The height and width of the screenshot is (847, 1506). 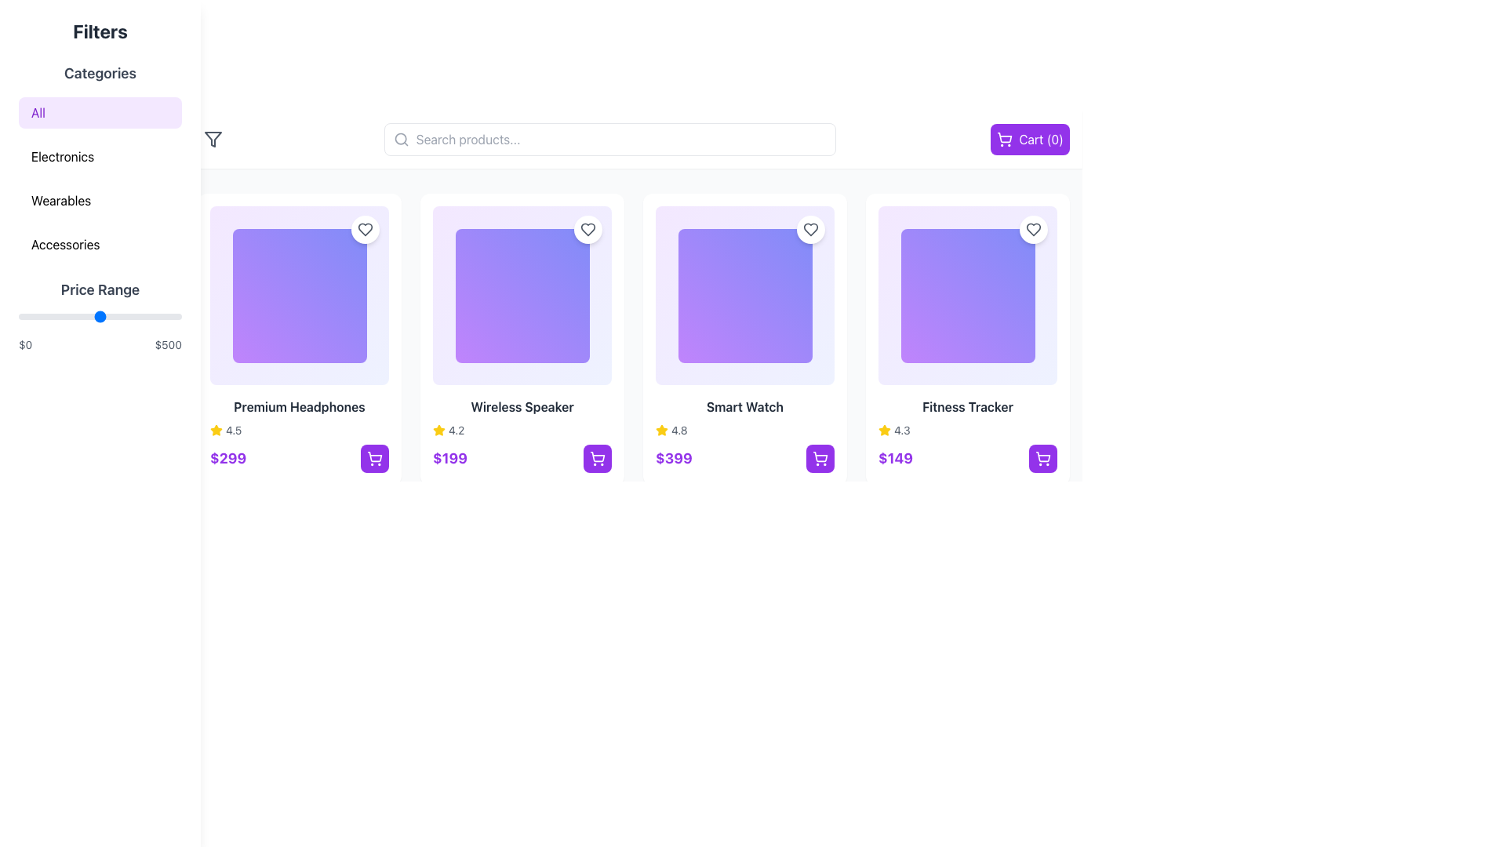 I want to click on the significance of the Rating Icon located in the bottom left corner of the fourth product card 'Fitness Tracker', which indicates a rating of '4.3', so click(x=662, y=430).